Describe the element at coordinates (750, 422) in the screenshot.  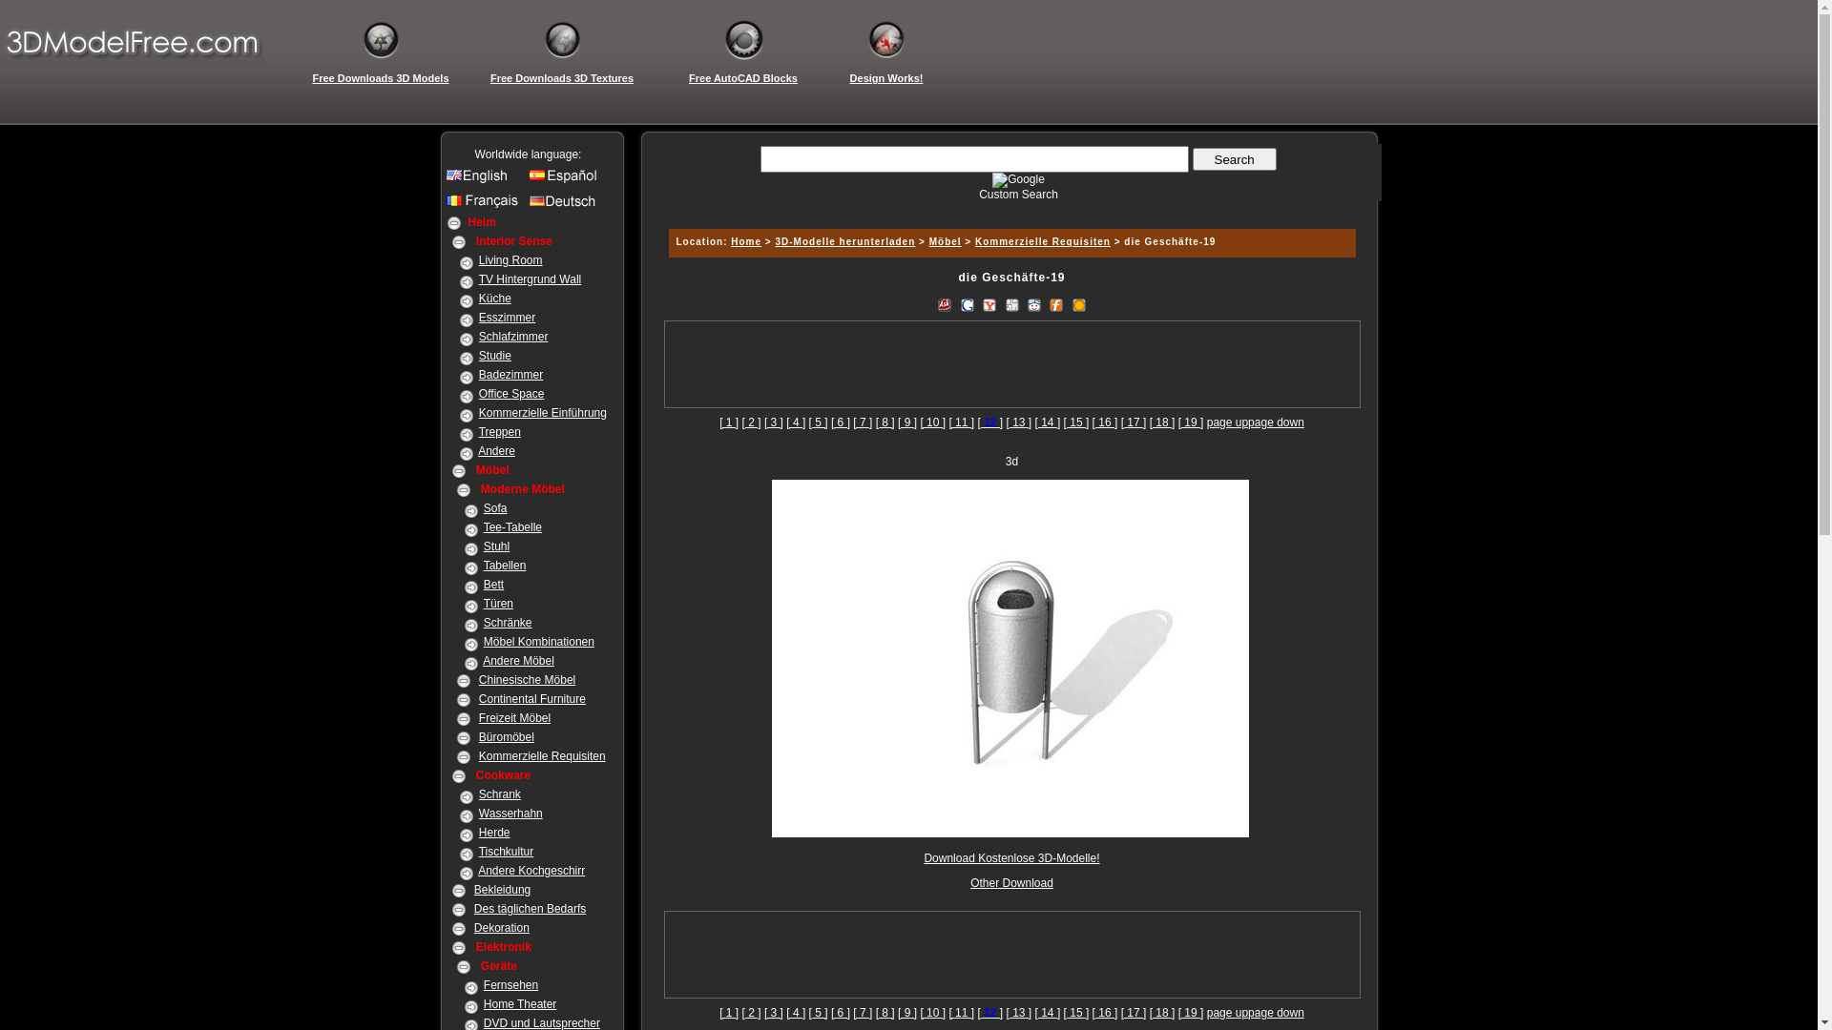
I see `'[ 2 ]'` at that location.